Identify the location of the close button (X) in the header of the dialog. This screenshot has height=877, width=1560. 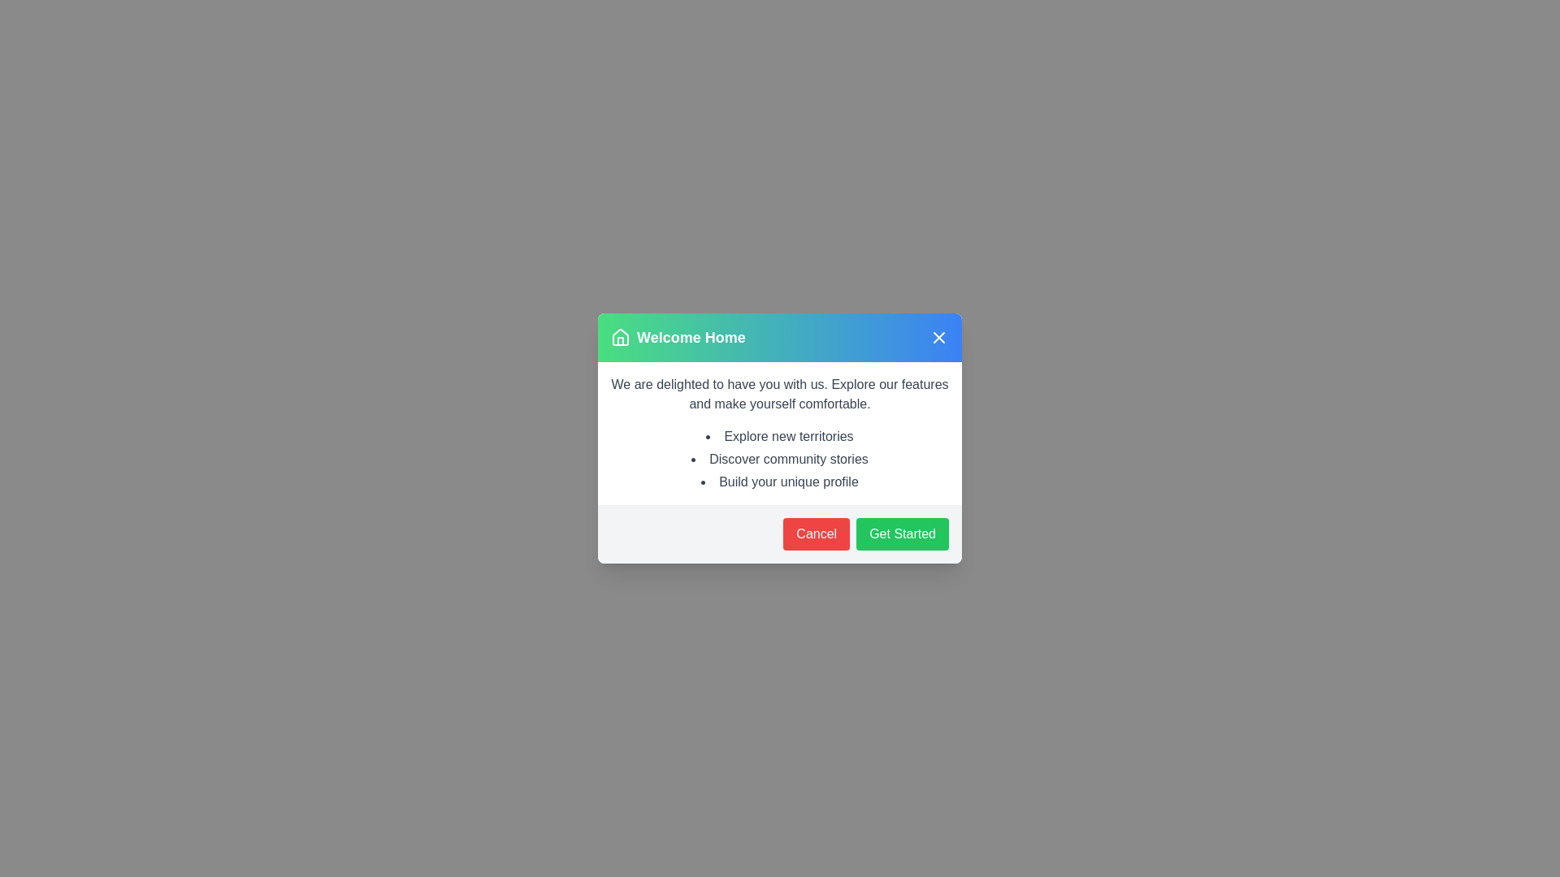
(939, 337).